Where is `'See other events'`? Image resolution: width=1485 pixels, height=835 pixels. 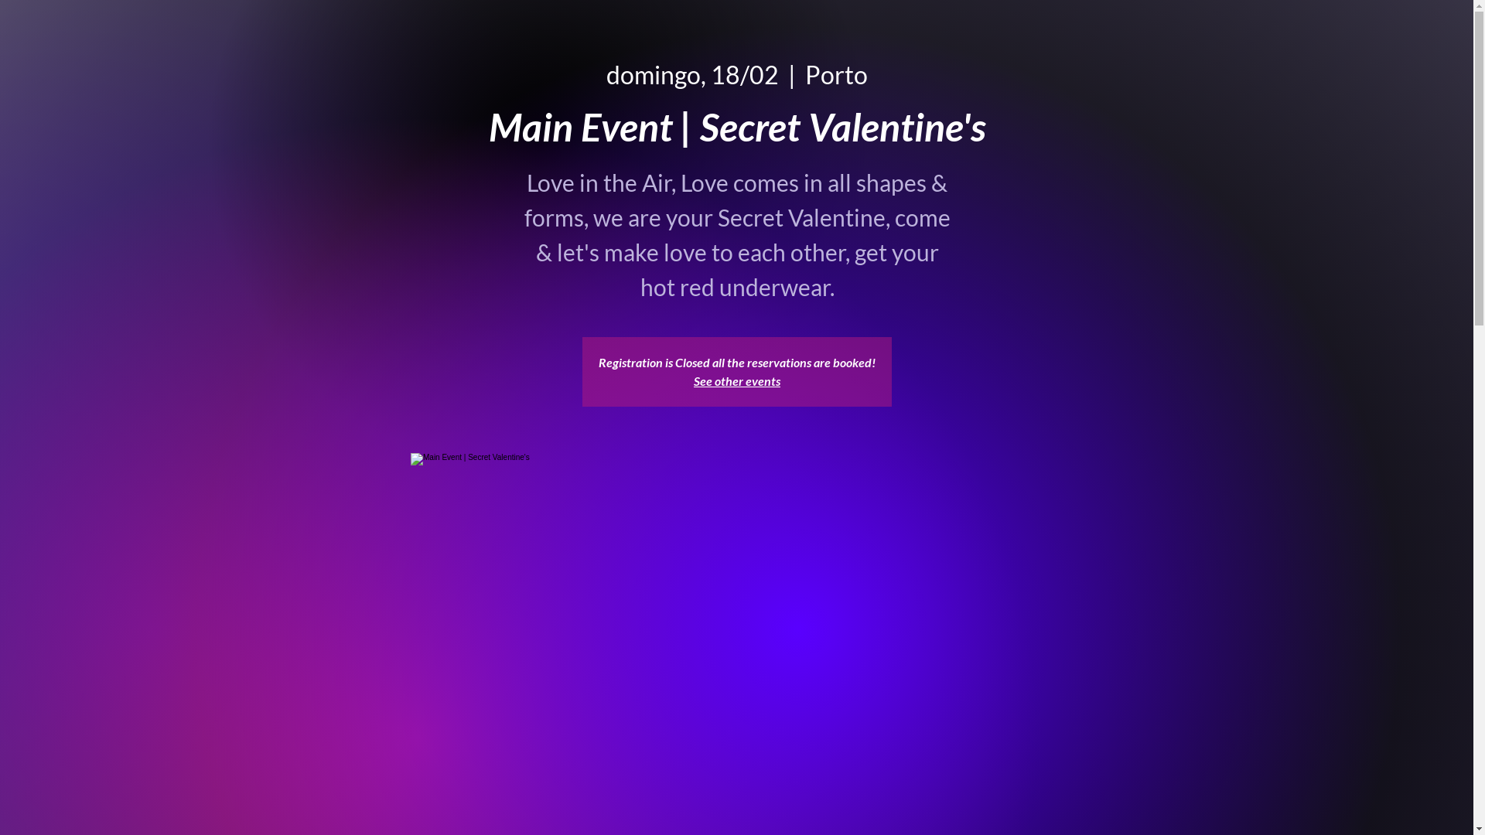
'See other events' is located at coordinates (736, 380).